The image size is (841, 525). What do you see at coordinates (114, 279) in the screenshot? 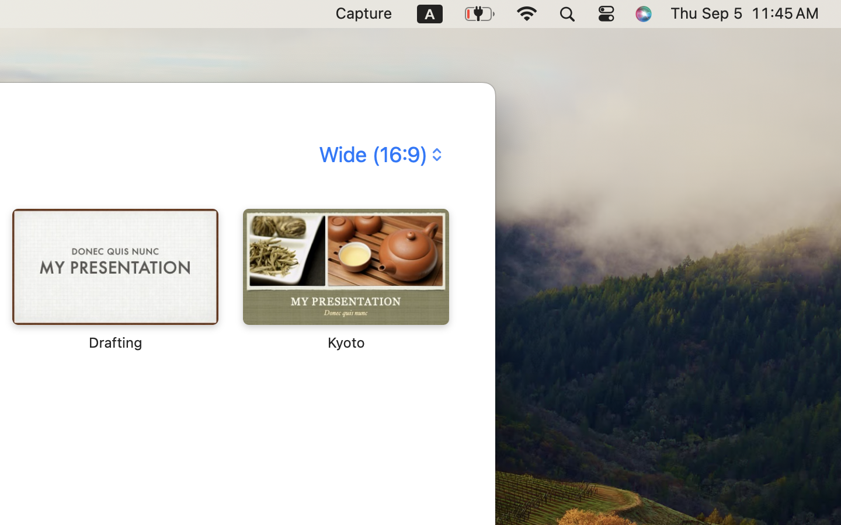
I see `'‎⁨Drafting⁩'` at bounding box center [114, 279].